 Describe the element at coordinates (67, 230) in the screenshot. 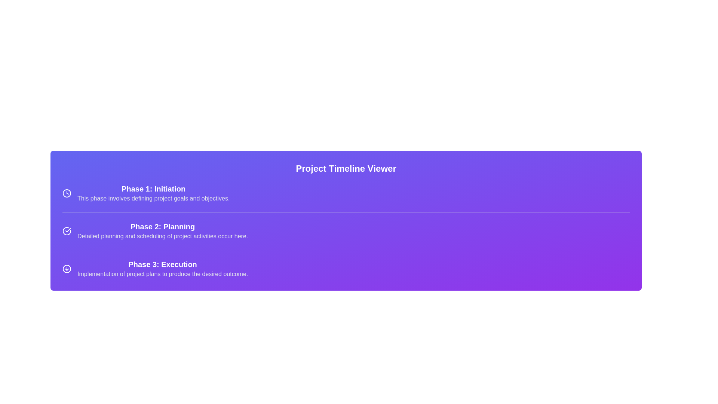

I see `the graphical icon of a circle with a checkmark inside it, located to the left of the text 'Phase 2: Planning'` at that location.